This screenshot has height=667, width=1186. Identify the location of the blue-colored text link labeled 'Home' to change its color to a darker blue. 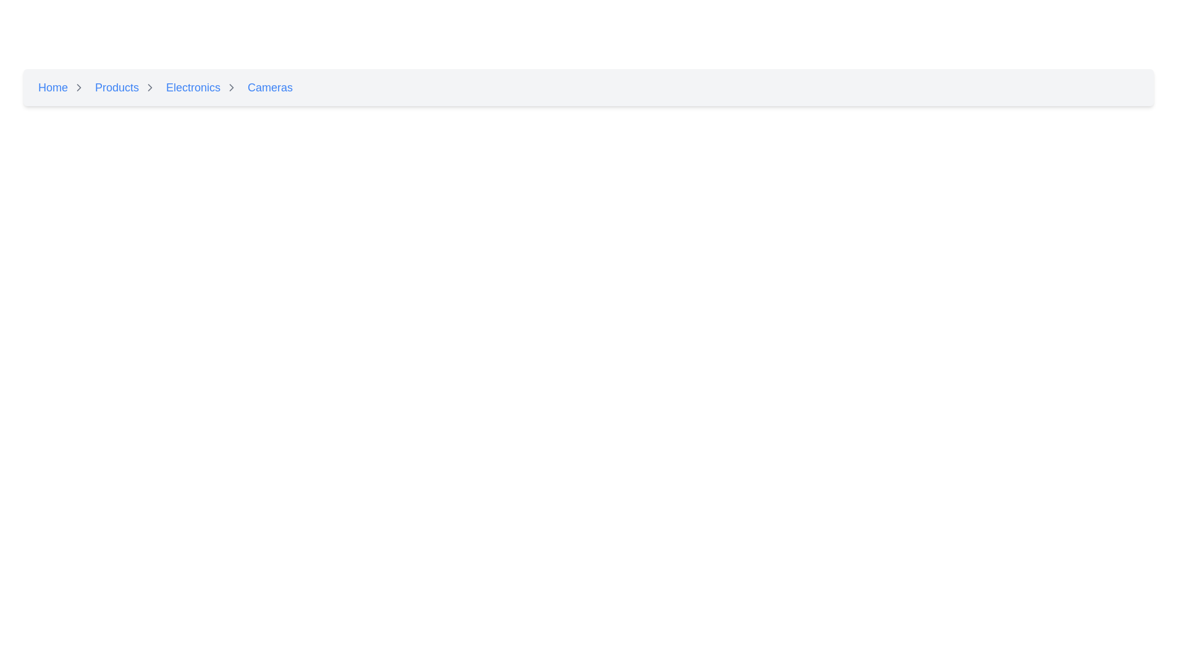
(53, 87).